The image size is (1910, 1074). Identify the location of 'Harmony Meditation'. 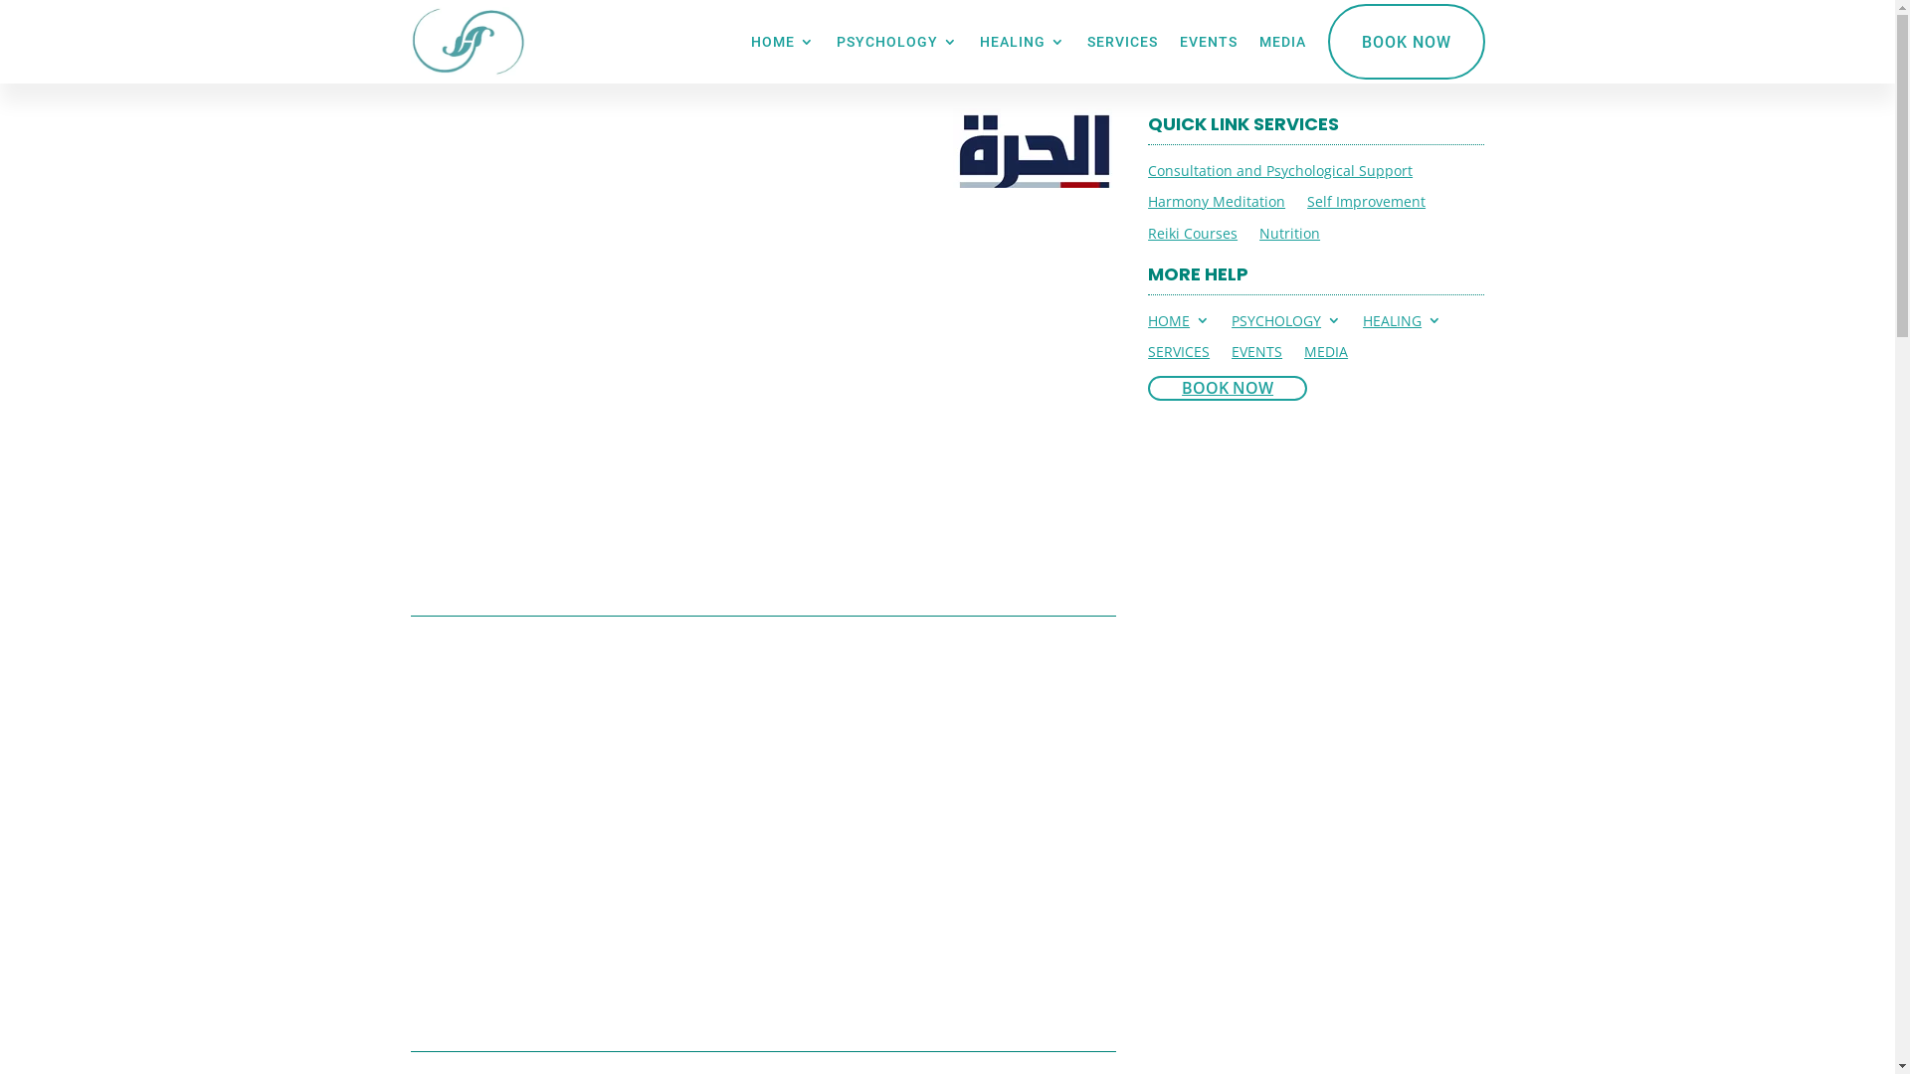
(1216, 205).